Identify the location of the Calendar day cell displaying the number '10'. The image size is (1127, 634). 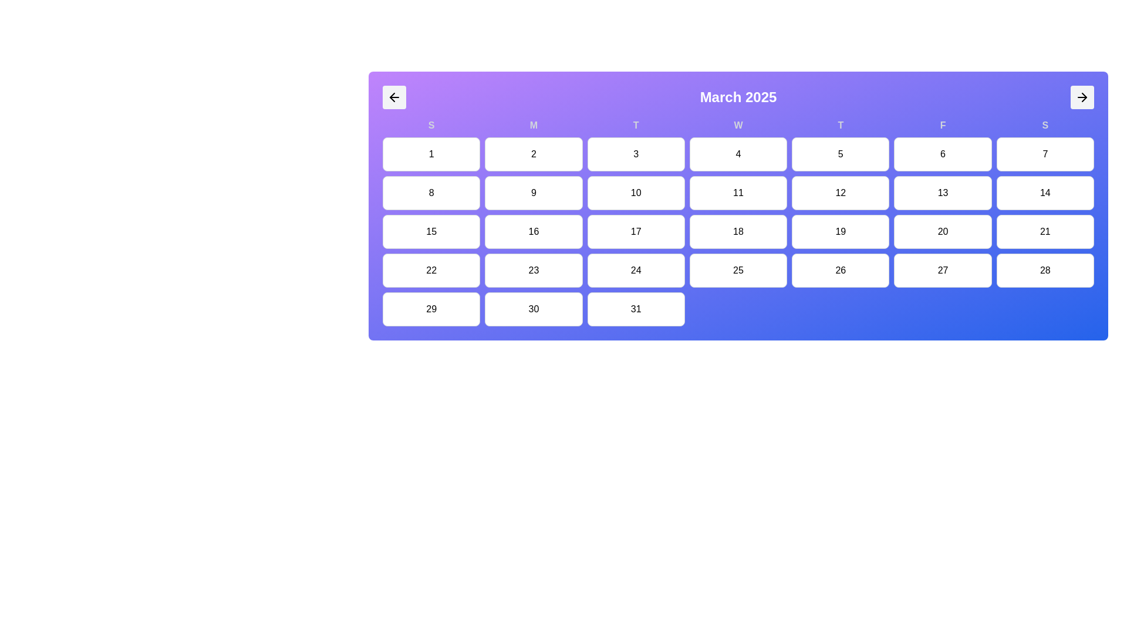
(635, 192).